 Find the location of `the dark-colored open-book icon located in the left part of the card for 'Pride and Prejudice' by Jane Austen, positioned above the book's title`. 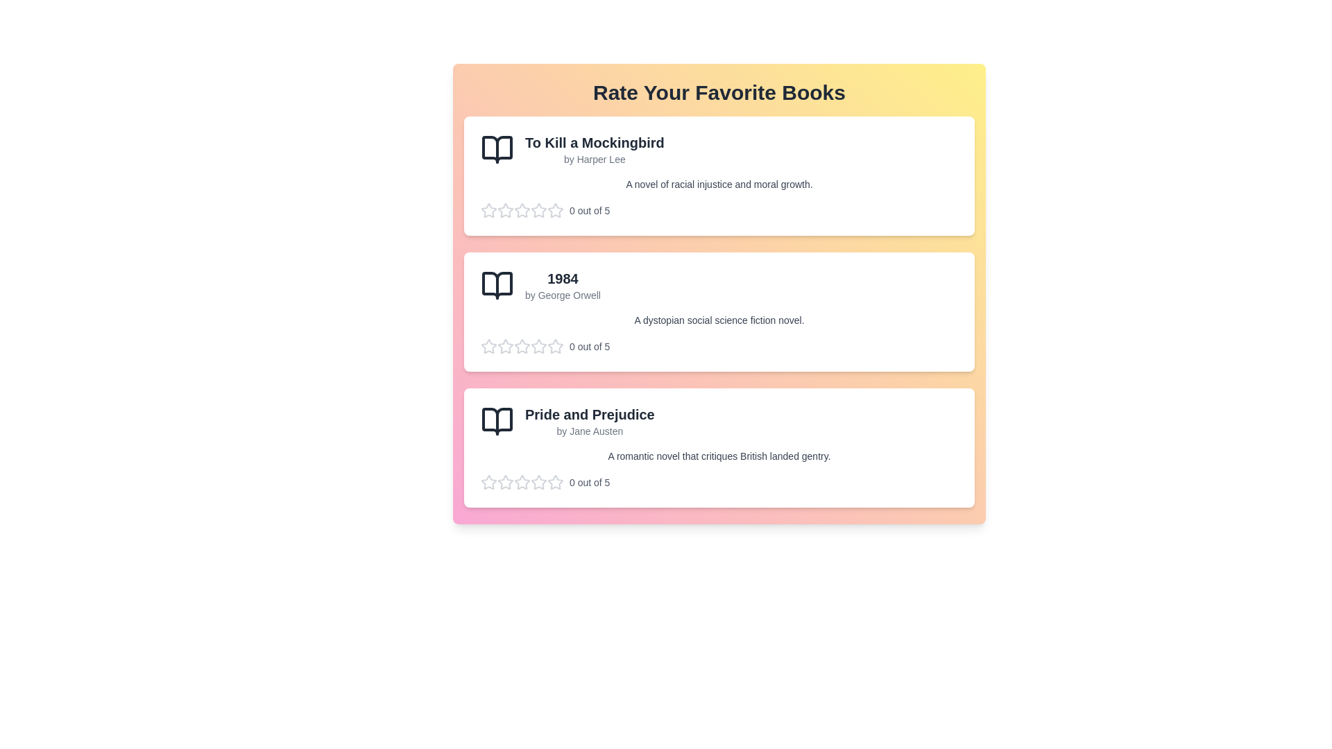

the dark-colored open-book icon located in the left part of the card for 'Pride and Prejudice' by Jane Austen, positioned above the book's title is located at coordinates (497, 421).